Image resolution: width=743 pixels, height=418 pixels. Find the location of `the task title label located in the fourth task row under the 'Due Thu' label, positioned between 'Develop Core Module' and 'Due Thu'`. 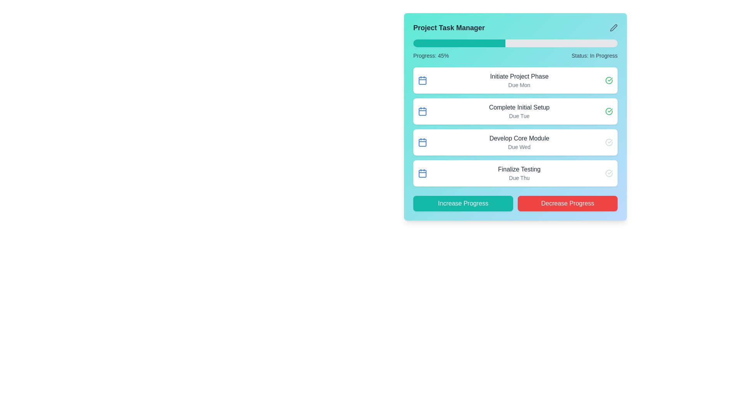

the task title label located in the fourth task row under the 'Due Thu' label, positioned between 'Develop Core Module' and 'Due Thu' is located at coordinates (519, 169).